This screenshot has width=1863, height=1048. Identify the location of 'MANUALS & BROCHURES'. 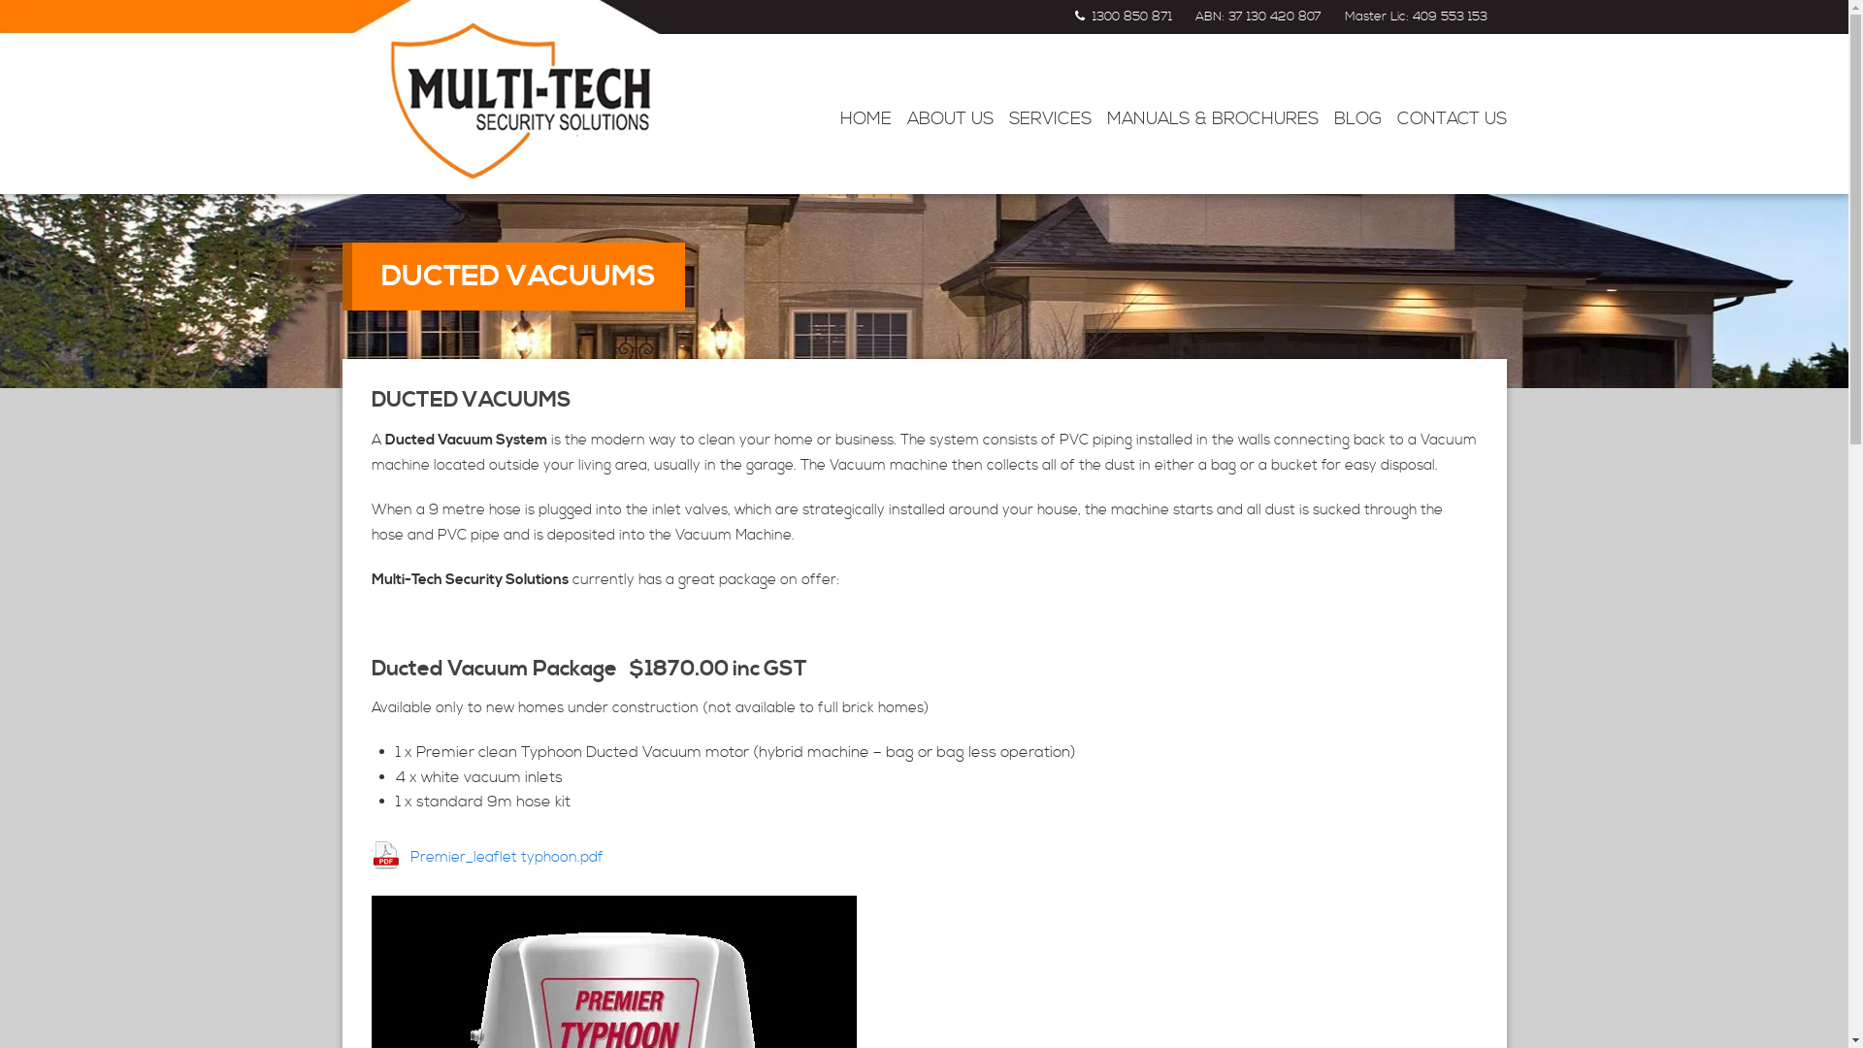
(1210, 118).